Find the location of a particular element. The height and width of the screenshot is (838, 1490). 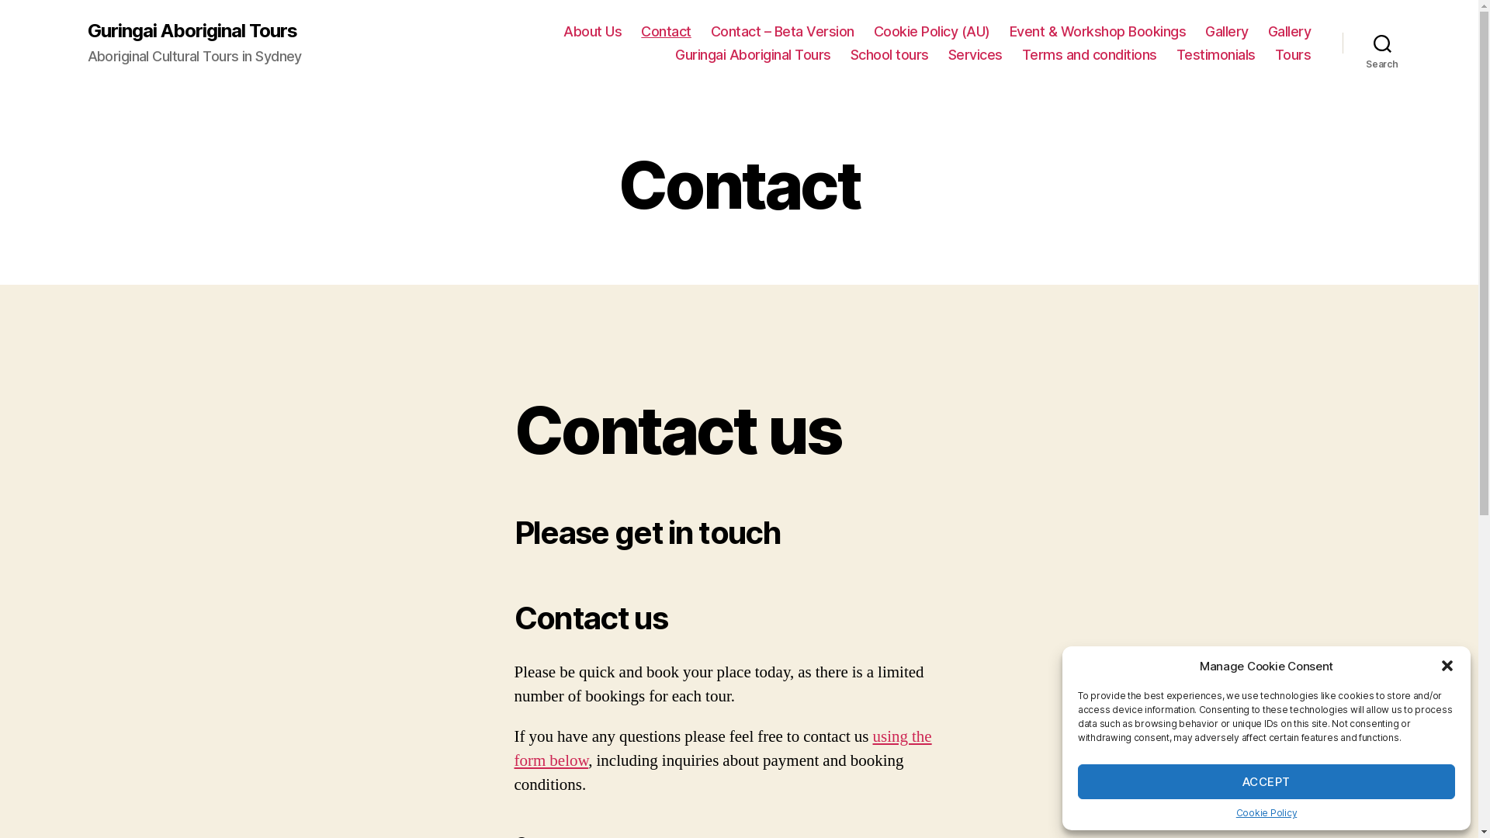

'Cookie Policy' is located at coordinates (1235, 812).